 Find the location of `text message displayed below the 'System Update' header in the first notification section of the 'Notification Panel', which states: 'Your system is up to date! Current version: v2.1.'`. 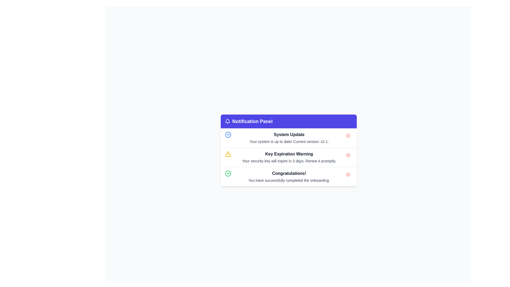

text message displayed below the 'System Update' header in the first notification section of the 'Notification Panel', which states: 'Your system is up to date! Current version: v2.1.' is located at coordinates (289, 141).